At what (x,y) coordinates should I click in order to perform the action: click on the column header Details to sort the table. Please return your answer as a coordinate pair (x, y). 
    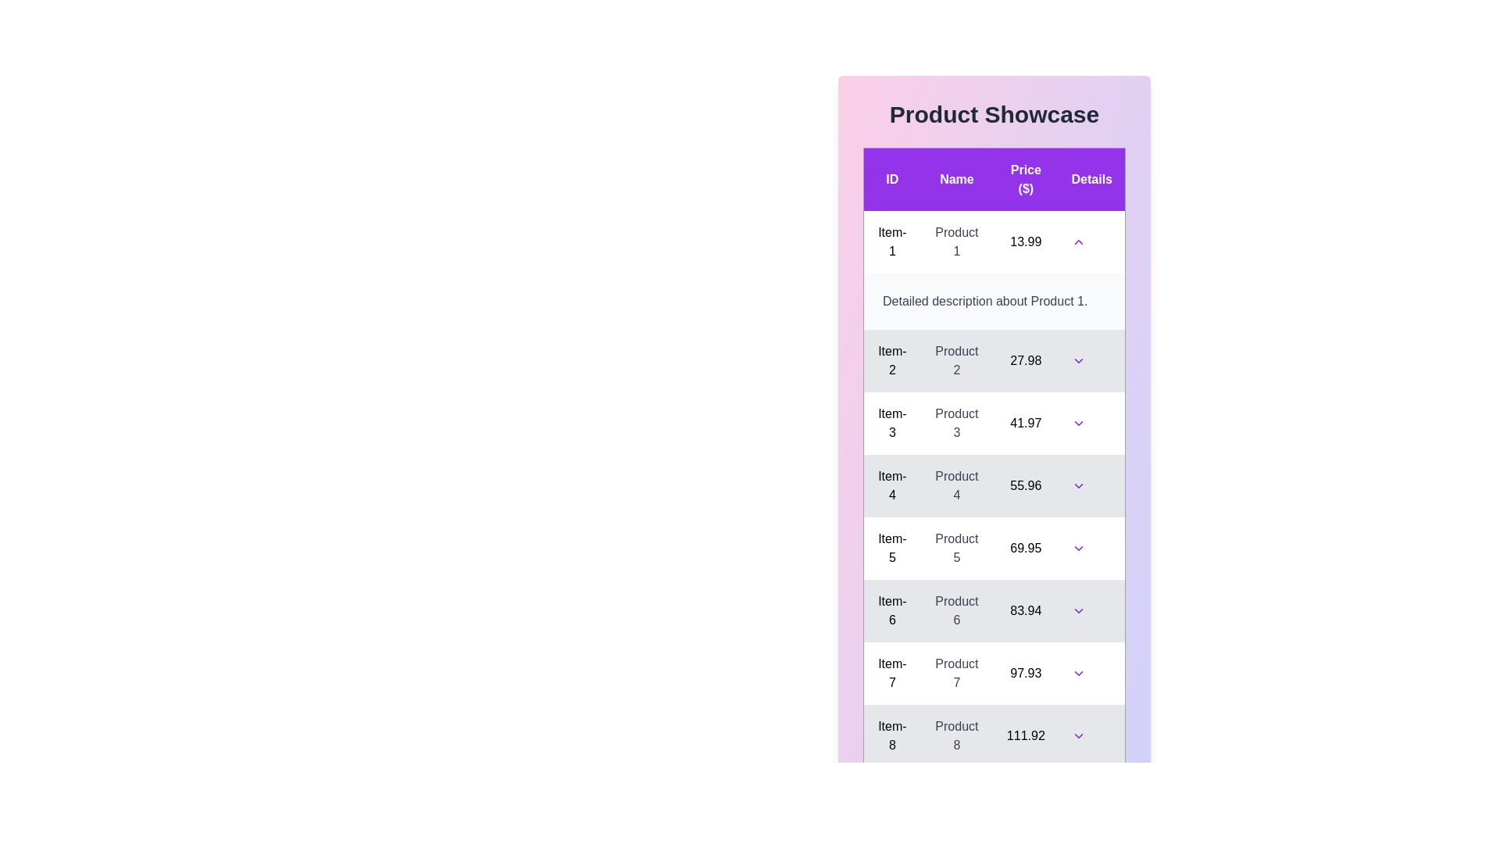
    Looking at the image, I should click on (1091, 178).